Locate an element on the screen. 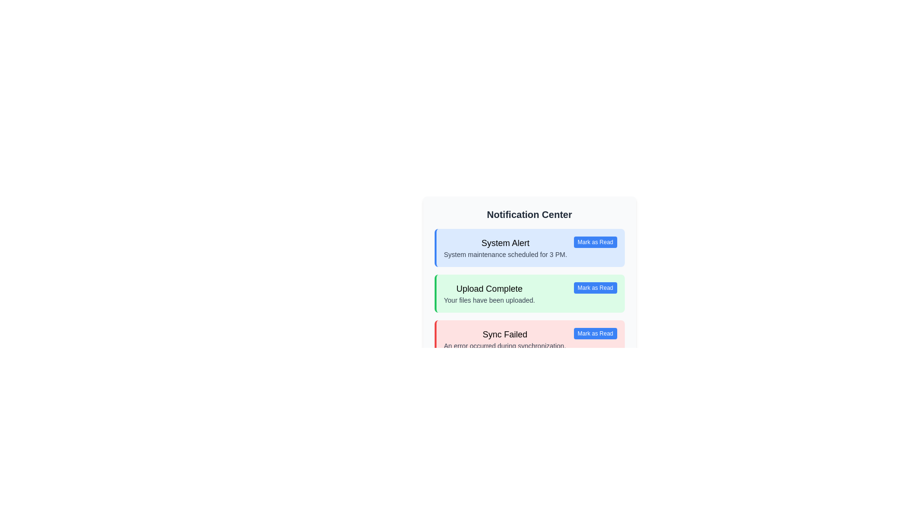  the text element displaying the message 'System maintenance scheduled for 3 PM.' which is part of the 'System Alert' notification box is located at coordinates (505, 254).